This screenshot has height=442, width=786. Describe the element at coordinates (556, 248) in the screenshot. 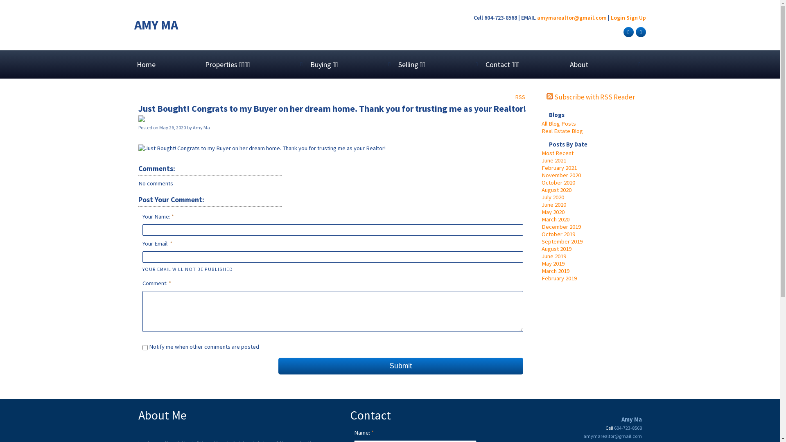

I see `'August 2019'` at that location.